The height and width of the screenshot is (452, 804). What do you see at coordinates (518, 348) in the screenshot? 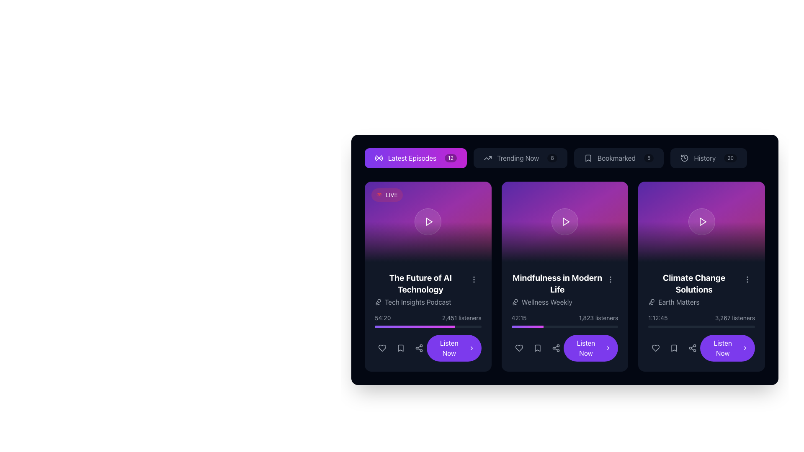
I see `the heart icon used for favoriting or liking a podcast, located within the second card` at bounding box center [518, 348].